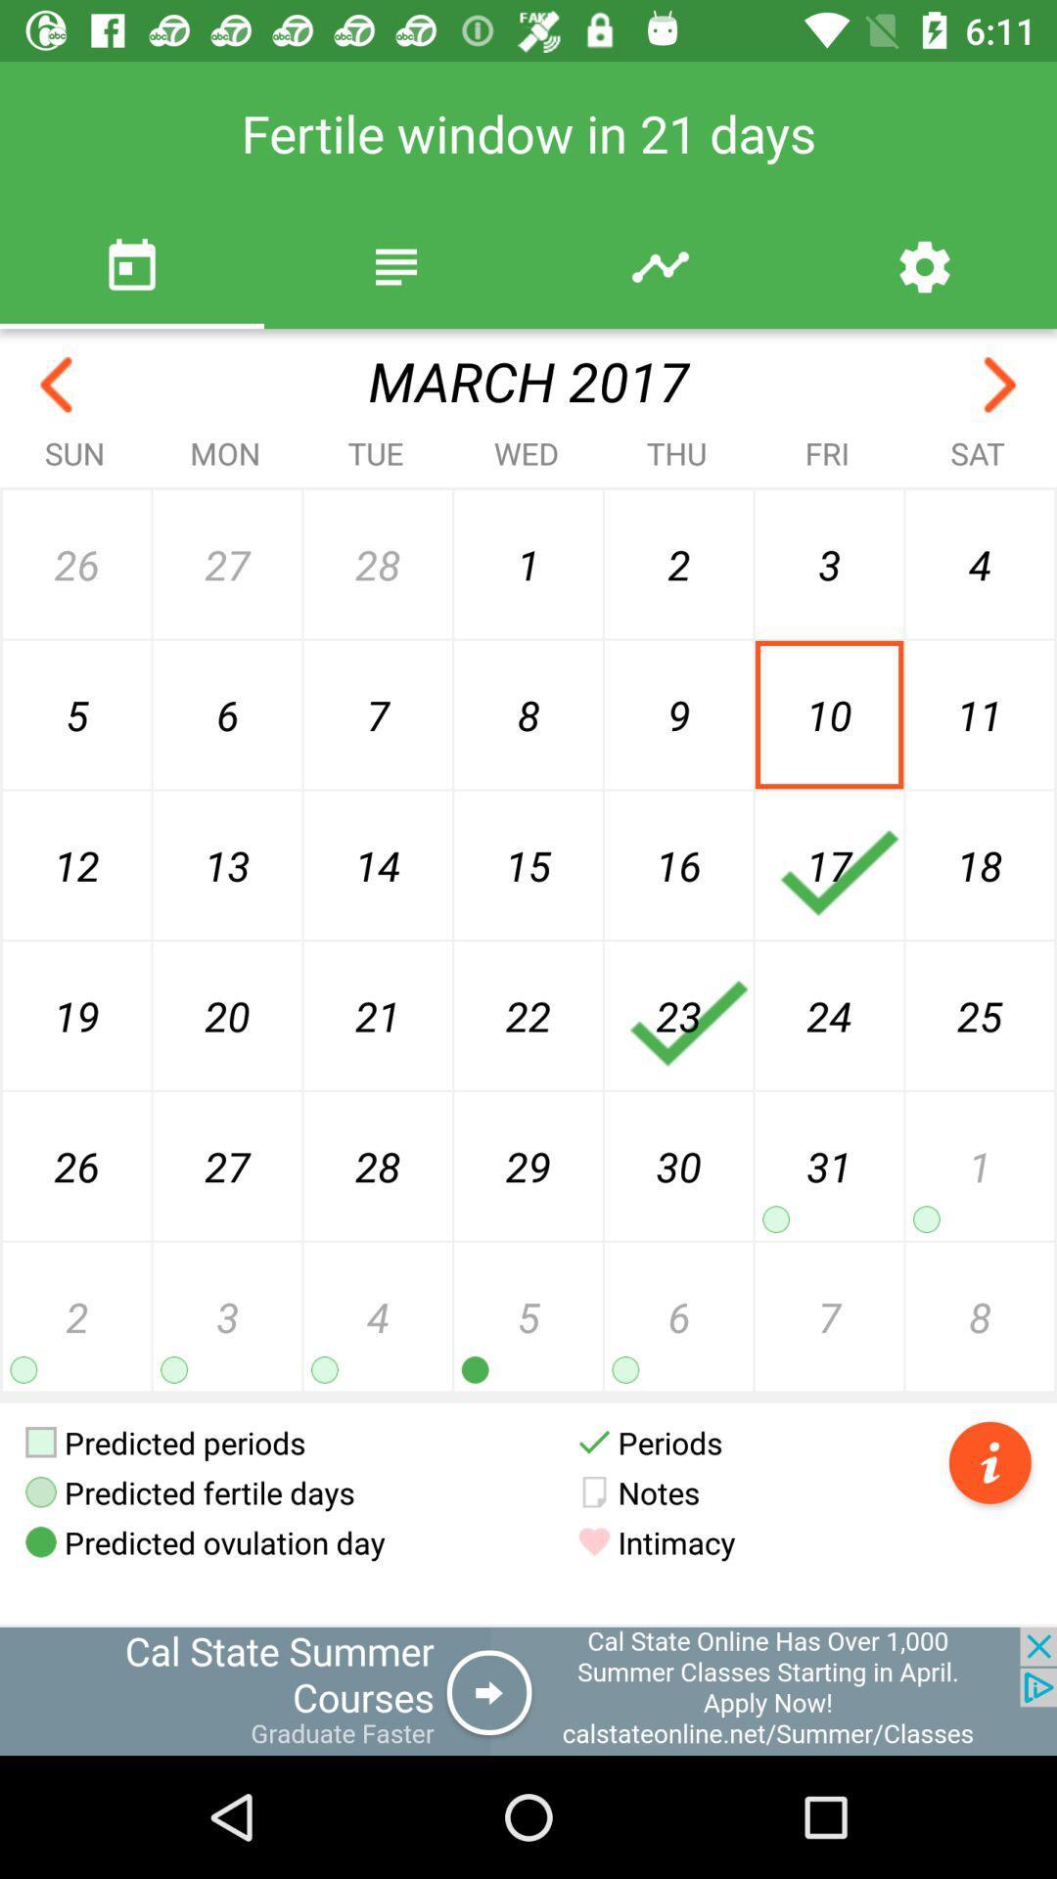 This screenshot has width=1057, height=1879. Describe the element at coordinates (1000, 385) in the screenshot. I see `next month` at that location.